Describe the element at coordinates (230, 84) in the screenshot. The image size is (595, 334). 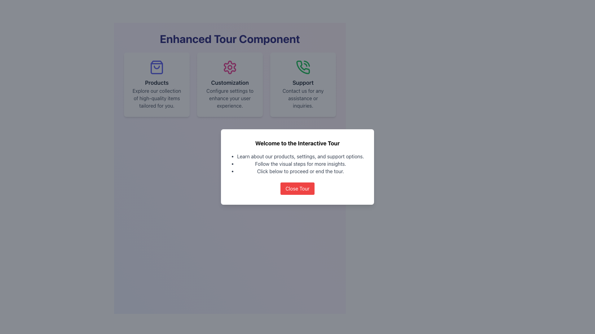
I see `the middle section of the three-column layout, specifically the 'Customization' section that contains an icon, a heading, and a description` at that location.